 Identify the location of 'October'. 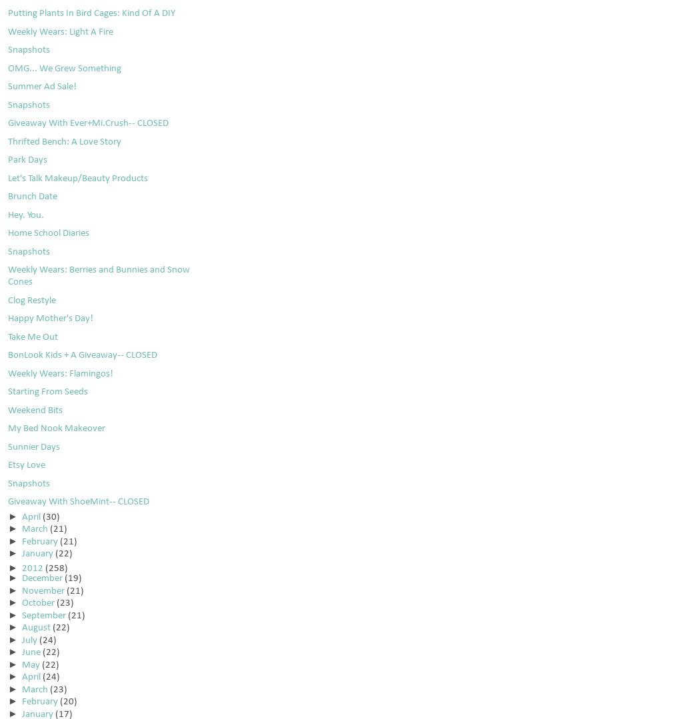
(38, 602).